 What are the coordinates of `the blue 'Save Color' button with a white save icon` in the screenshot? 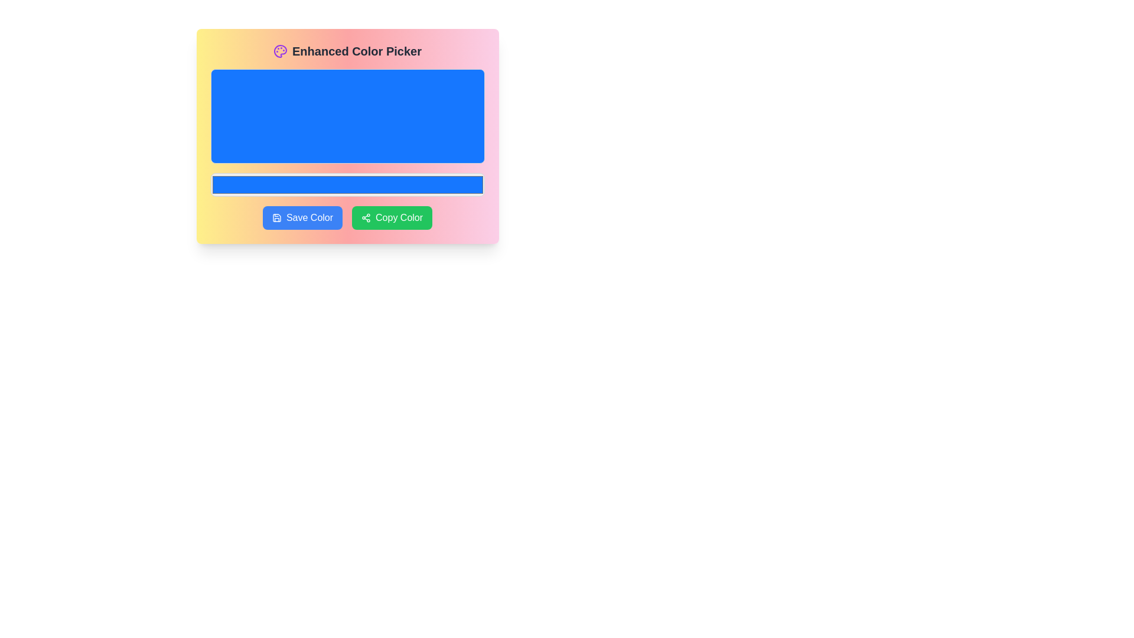 It's located at (302, 218).